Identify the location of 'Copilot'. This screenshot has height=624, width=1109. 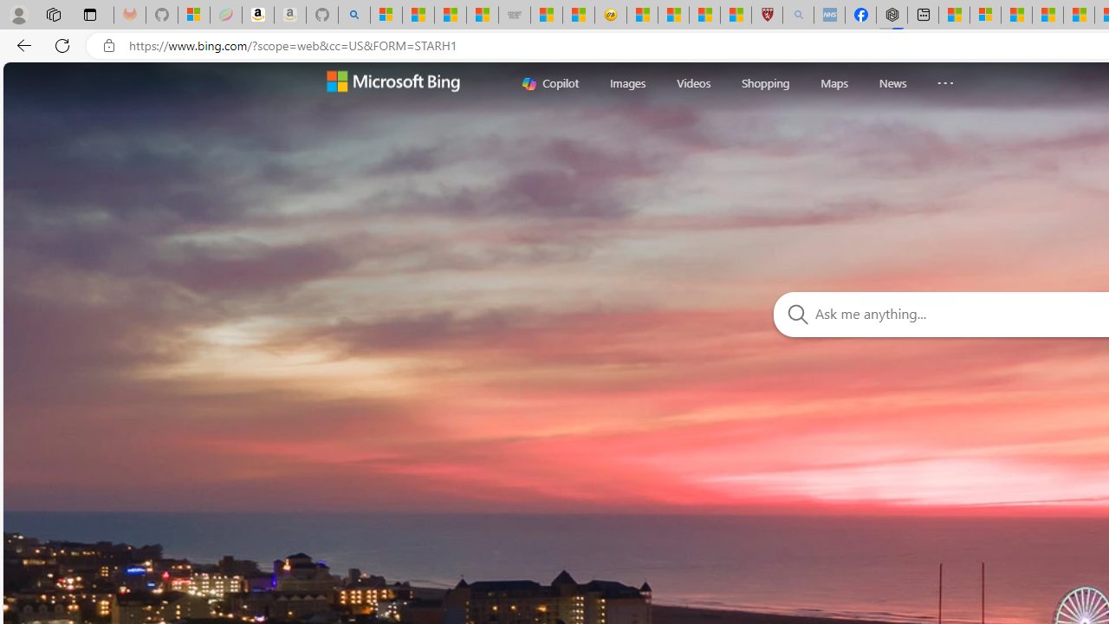
(549, 82).